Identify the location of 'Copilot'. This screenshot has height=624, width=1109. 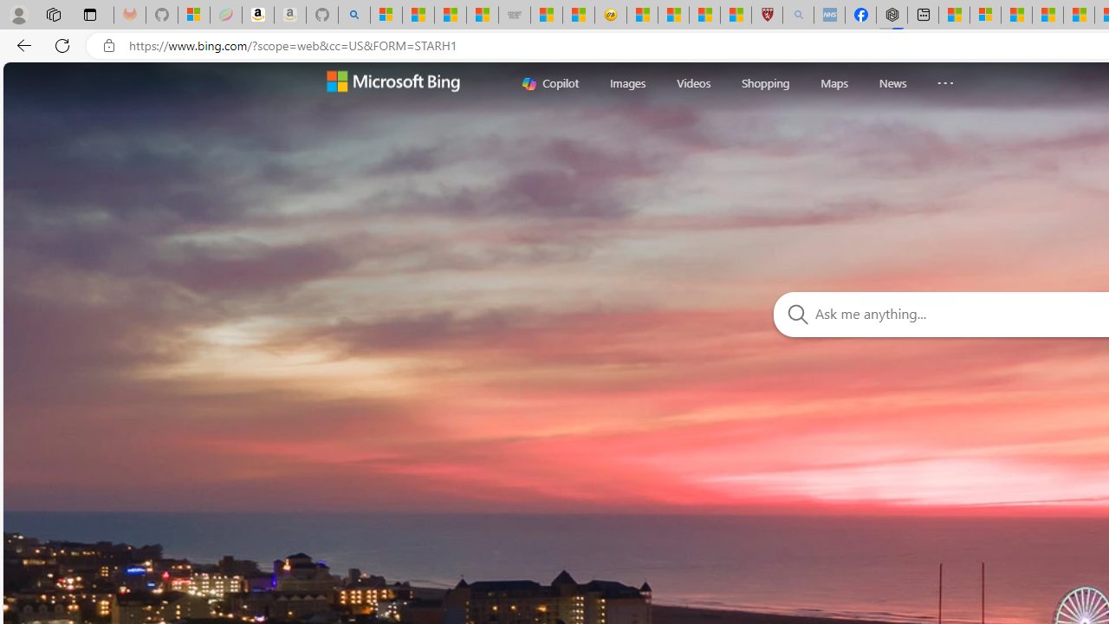
(549, 82).